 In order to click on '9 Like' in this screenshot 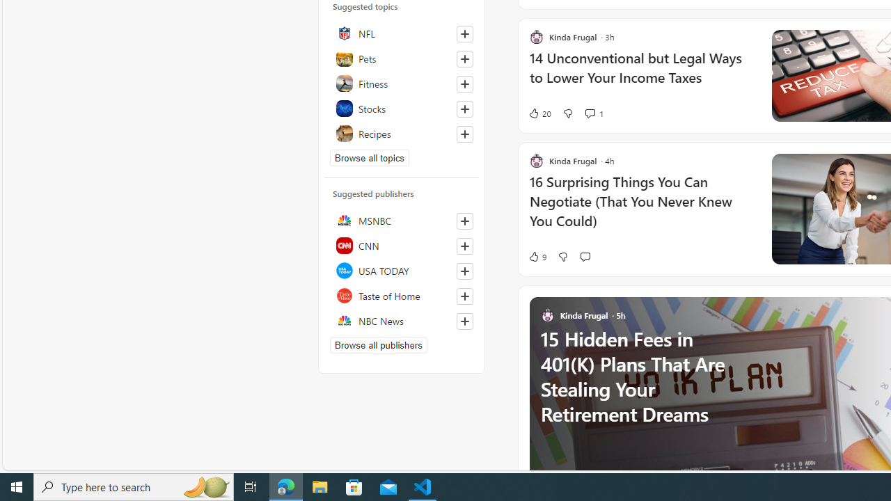, I will do `click(536, 256)`.